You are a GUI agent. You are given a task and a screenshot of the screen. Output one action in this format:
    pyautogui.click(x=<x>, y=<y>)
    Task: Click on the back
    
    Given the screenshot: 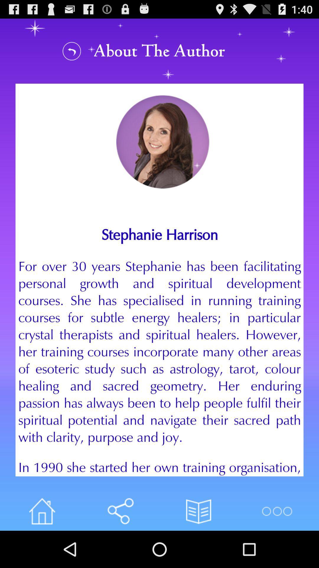 What is the action you would take?
    pyautogui.click(x=71, y=51)
    